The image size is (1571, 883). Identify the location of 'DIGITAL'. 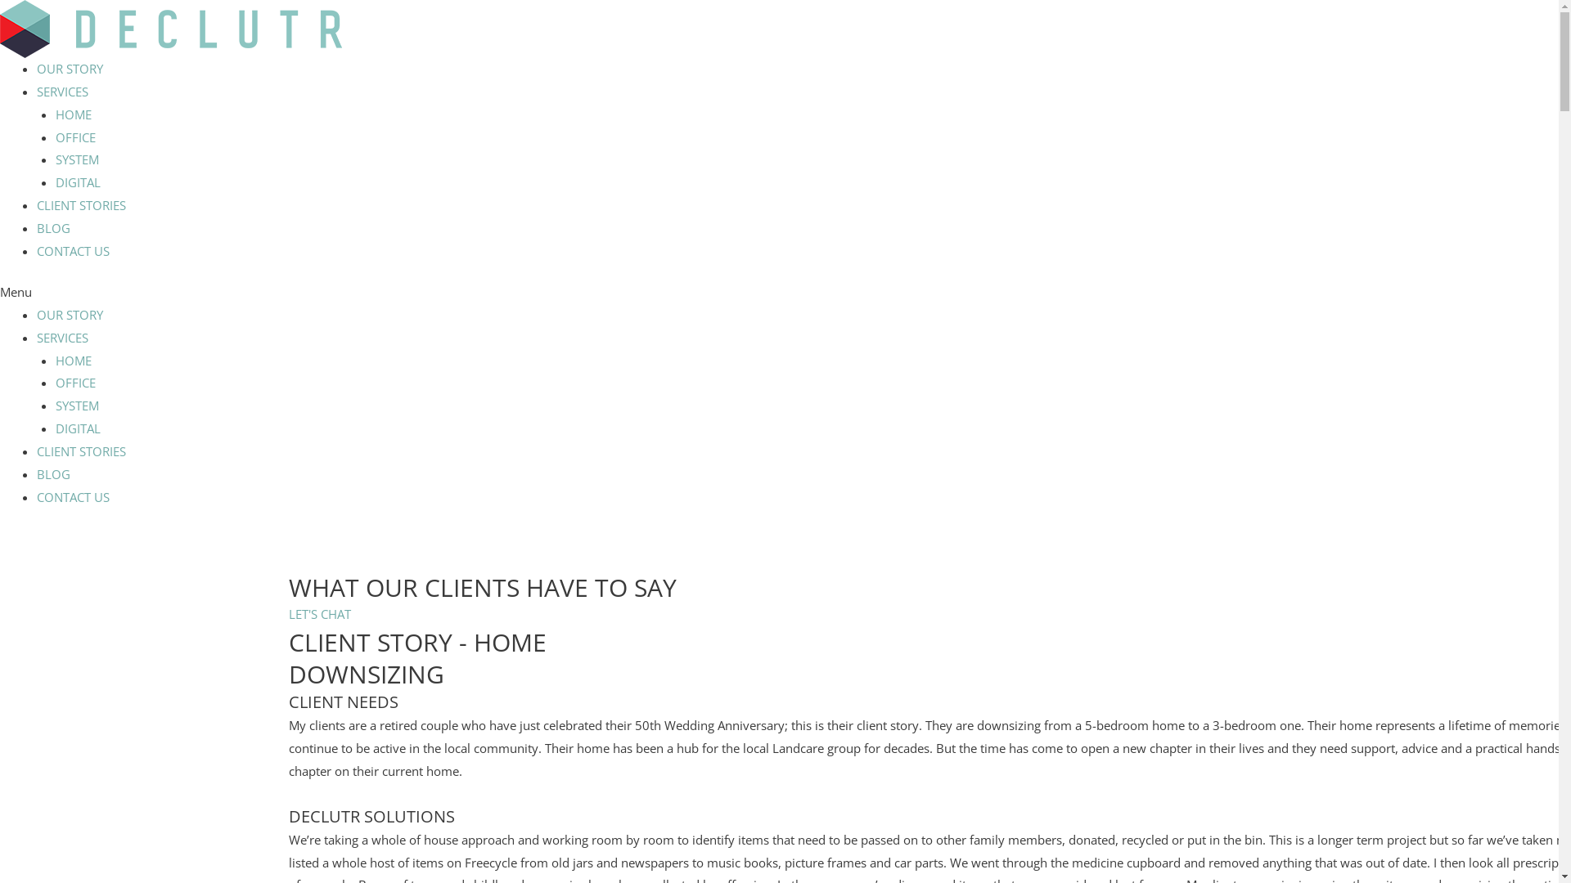
(77, 428).